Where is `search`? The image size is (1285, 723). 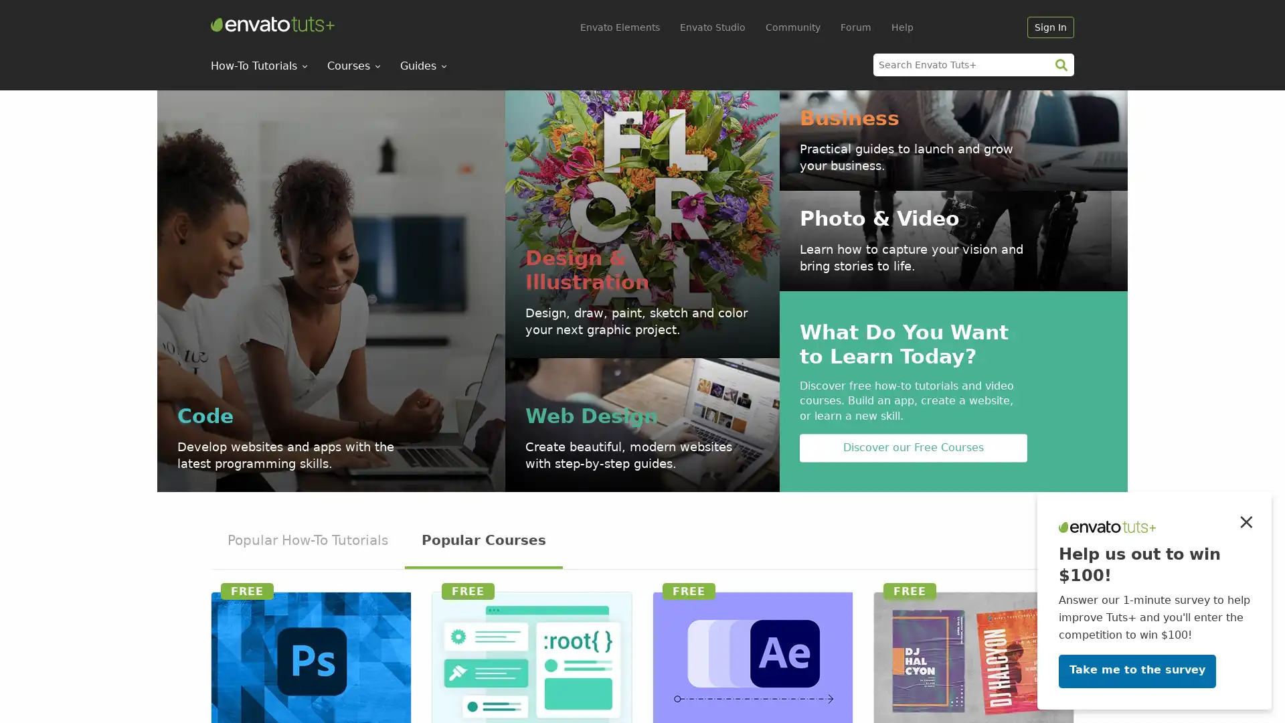
search is located at coordinates (1060, 64).